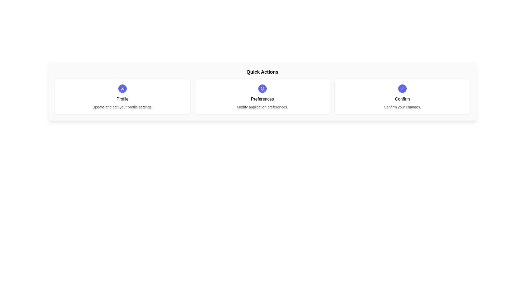  Describe the element at coordinates (402, 97) in the screenshot. I see `the chip labeled Confirm to observe its hover effect` at that location.